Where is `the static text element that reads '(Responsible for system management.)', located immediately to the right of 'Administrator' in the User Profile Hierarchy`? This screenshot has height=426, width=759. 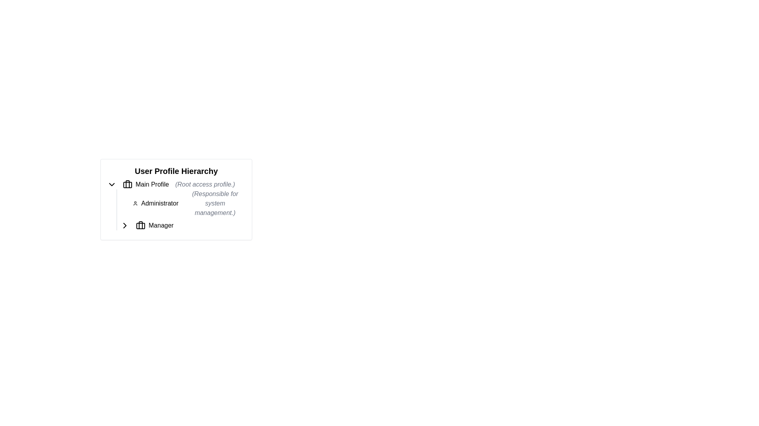 the static text element that reads '(Responsible for system management.)', located immediately to the right of 'Administrator' in the User Profile Hierarchy is located at coordinates (215, 203).